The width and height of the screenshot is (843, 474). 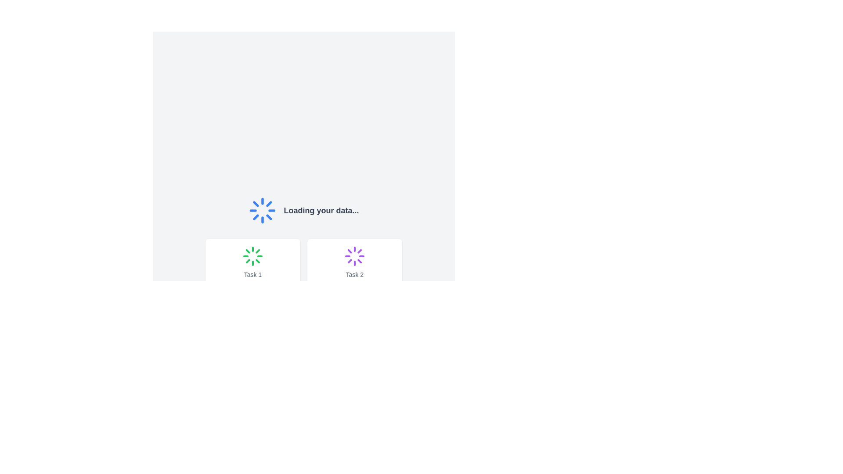 What do you see at coordinates (252, 256) in the screenshot?
I see `the Spinner element that visually indicates a loading process for 'Task 1', located below the text label in a card-like structure` at bounding box center [252, 256].